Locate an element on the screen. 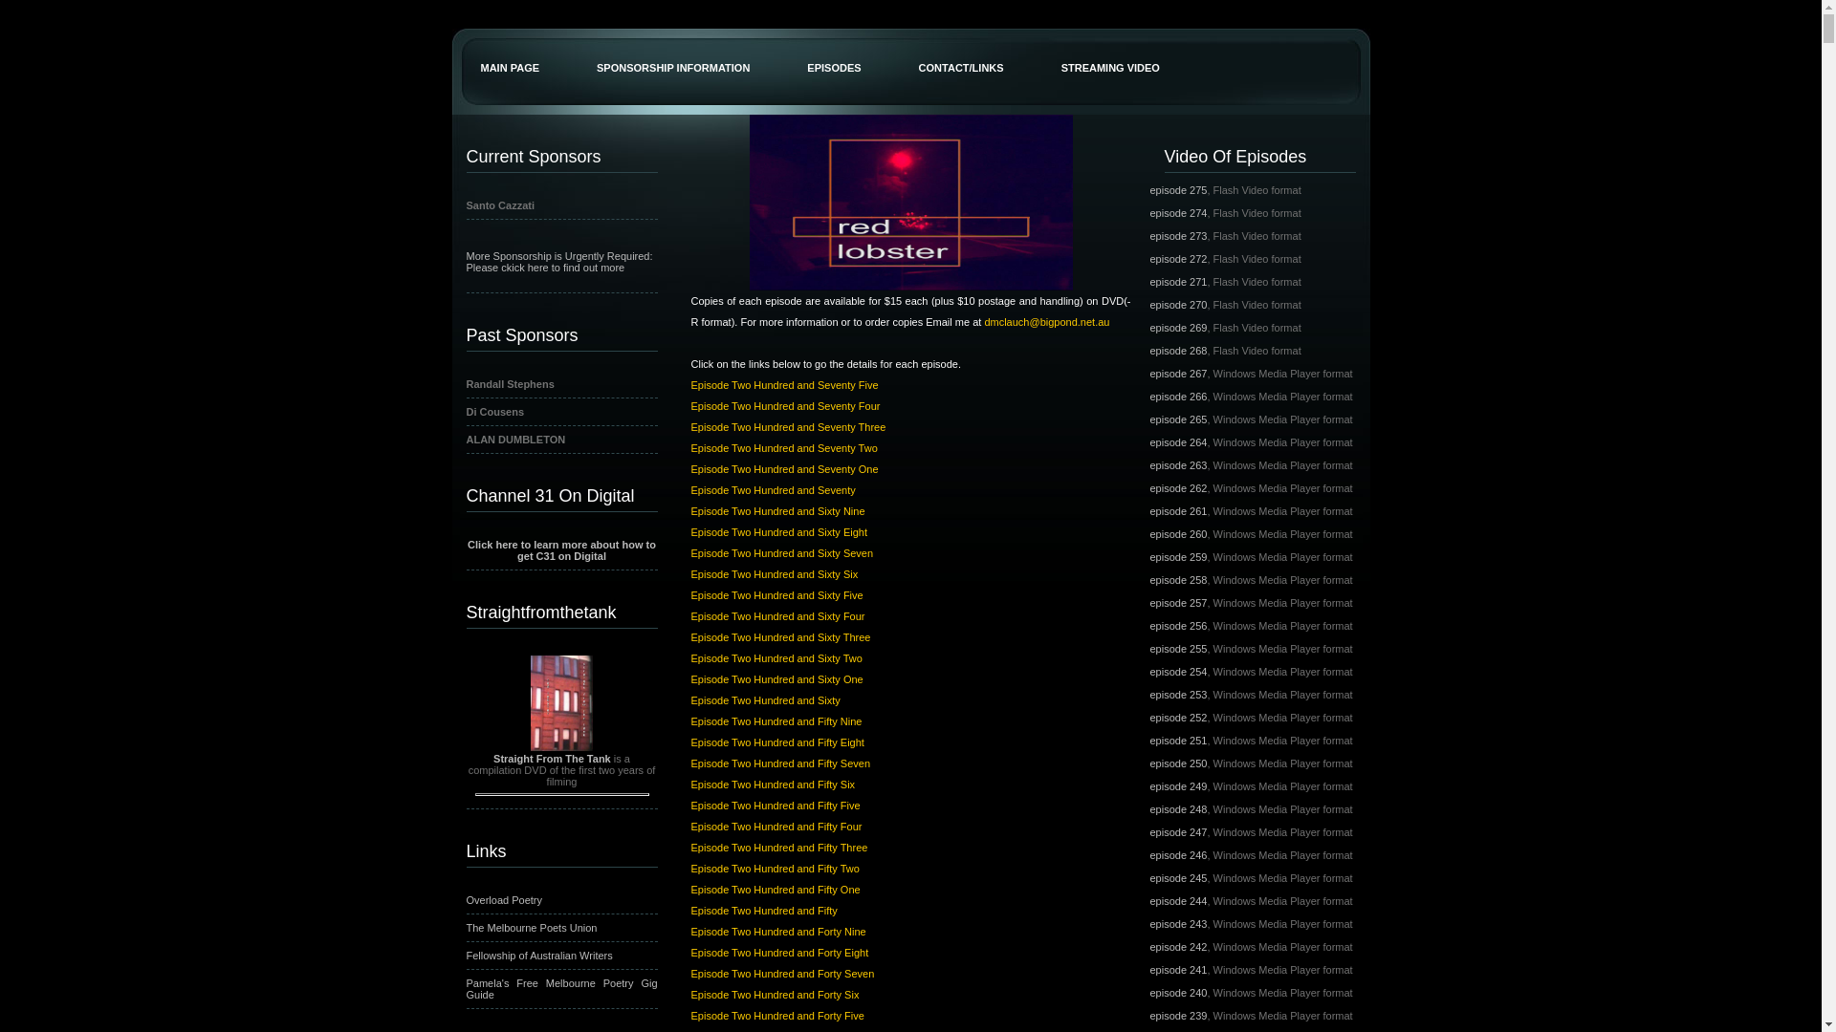 Image resolution: width=1836 pixels, height=1032 pixels. 'SPONSORSHIP INFORMATION' is located at coordinates (673, 47).